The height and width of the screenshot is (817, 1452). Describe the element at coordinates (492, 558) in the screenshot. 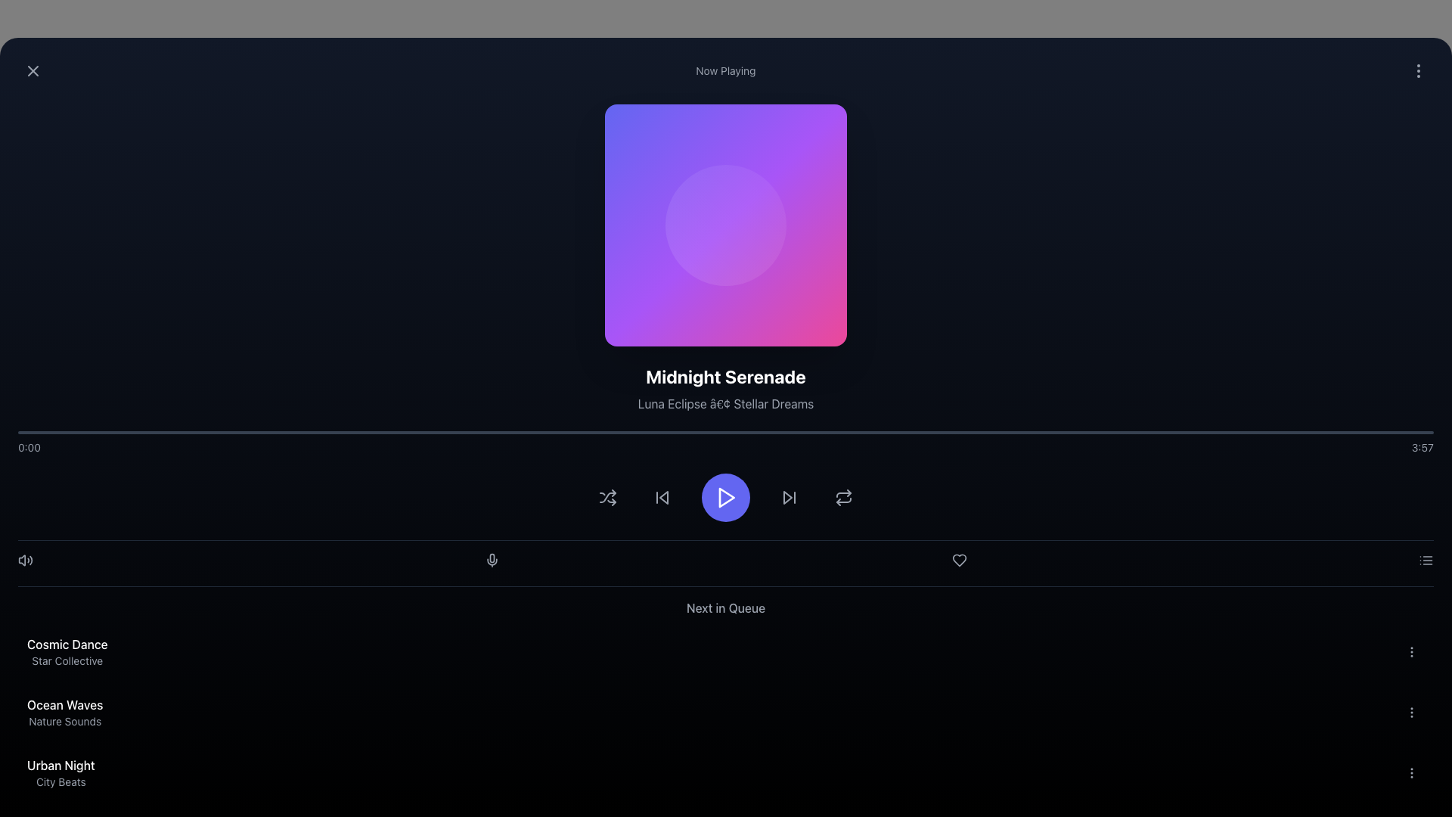

I see `the microphone icon, which is a small rounded icon used for audio recording, located in the bottom control bar between the like icon and the volume indicator` at that location.